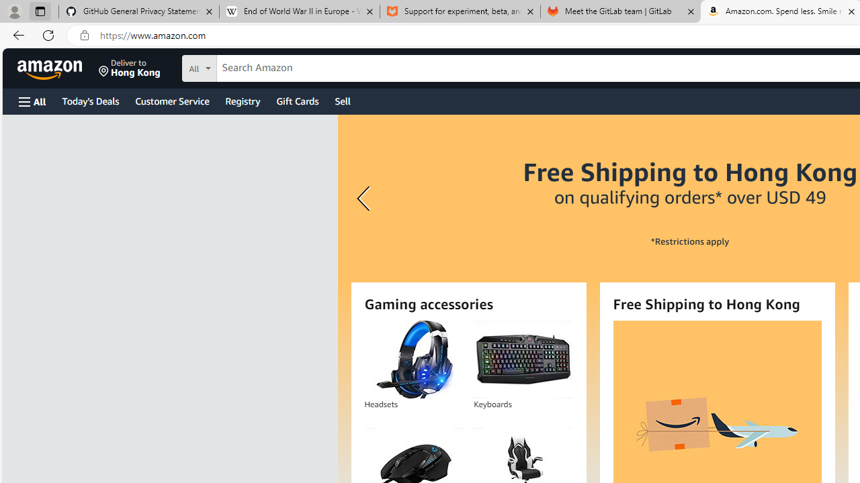 The image size is (860, 483). Describe the element at coordinates (32, 101) in the screenshot. I see `'Open Menu'` at that location.